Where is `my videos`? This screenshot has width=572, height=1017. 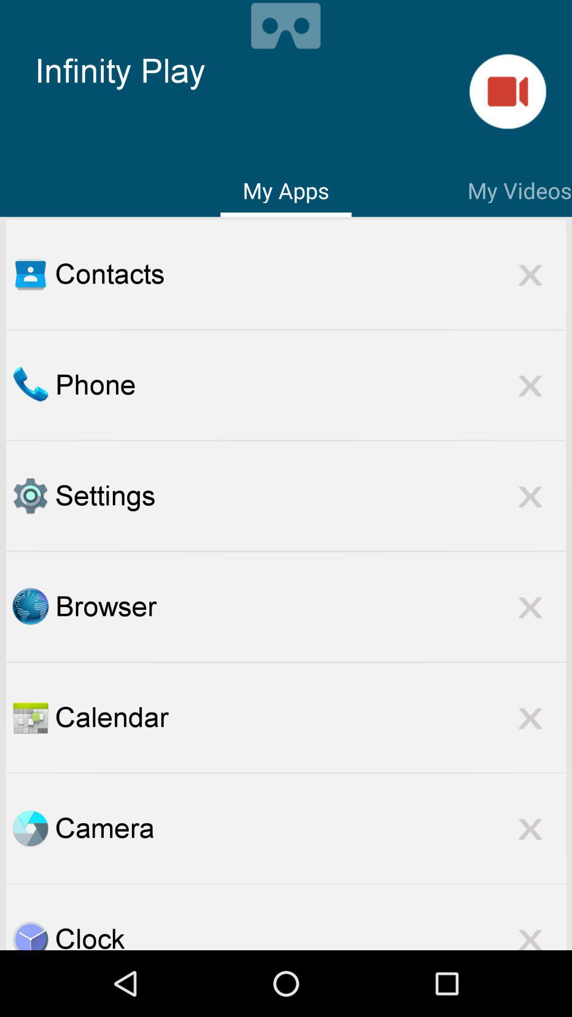
my videos is located at coordinates (507, 91).